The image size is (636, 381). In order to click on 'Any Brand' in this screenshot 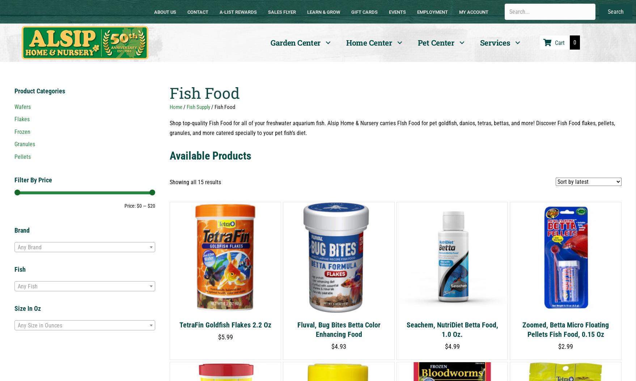, I will do `click(29, 247)`.